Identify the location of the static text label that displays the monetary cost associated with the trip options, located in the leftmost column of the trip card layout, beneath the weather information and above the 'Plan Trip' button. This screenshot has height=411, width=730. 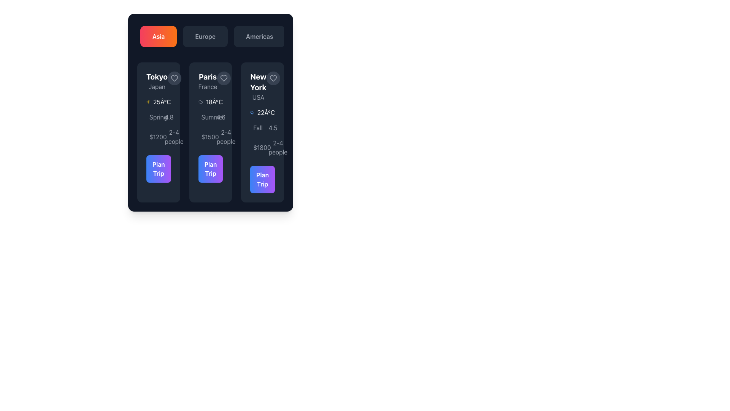
(157, 136).